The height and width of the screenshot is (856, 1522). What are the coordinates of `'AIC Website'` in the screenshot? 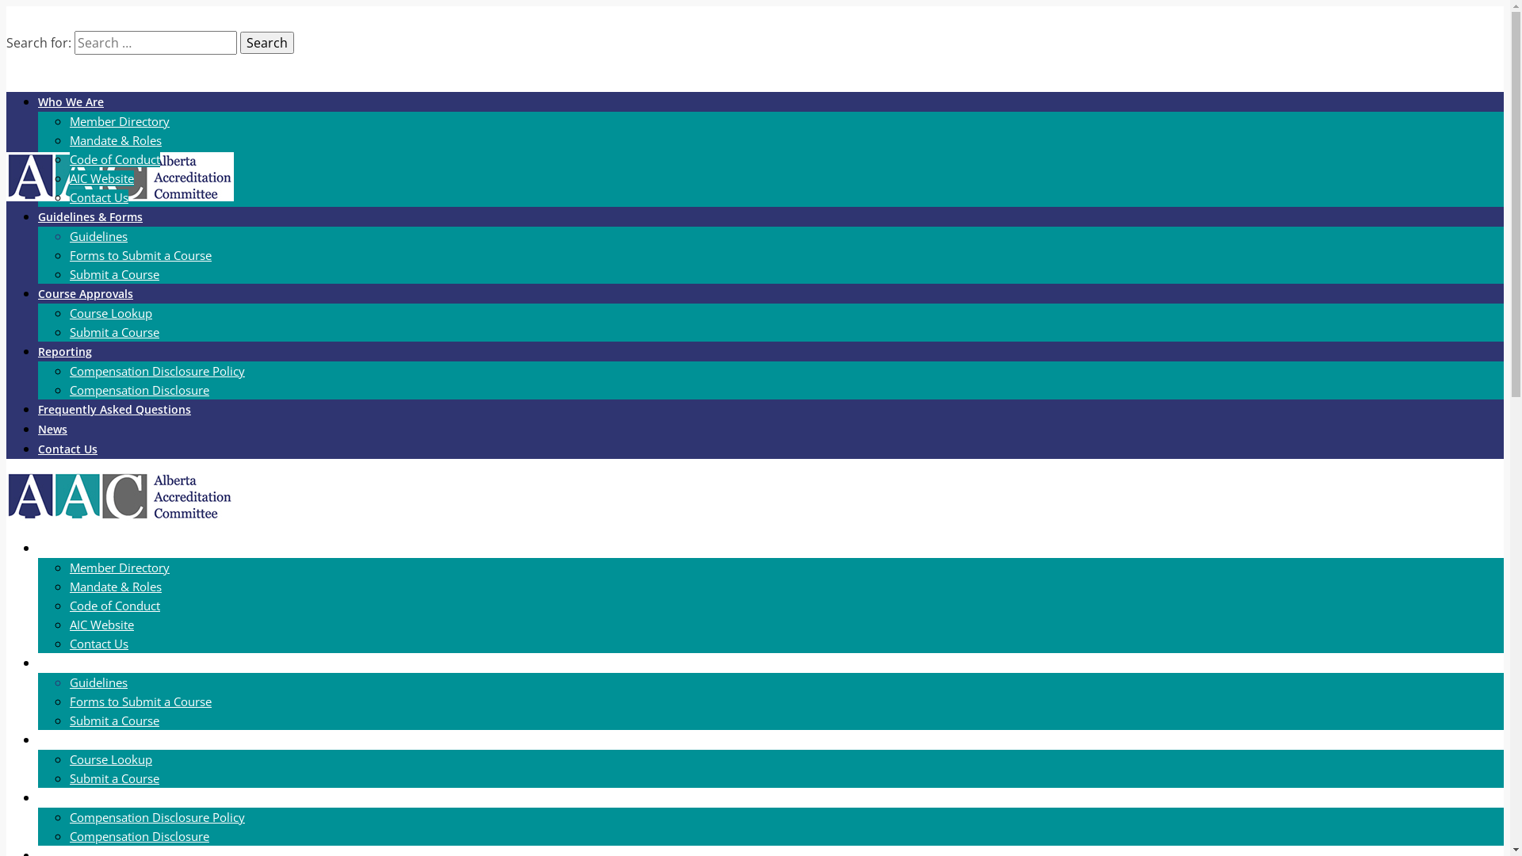 It's located at (101, 178).